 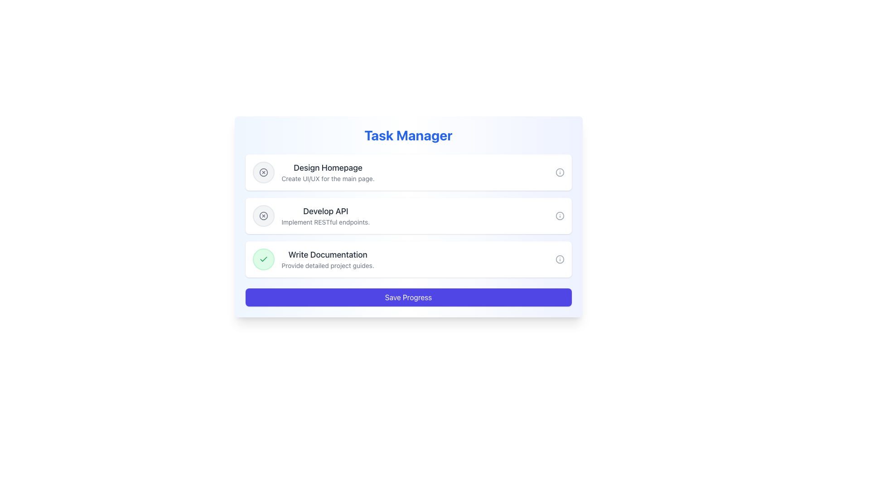 What do you see at coordinates (327, 259) in the screenshot?
I see `the text block that says 'Write Documentation' and 'Provide detailed project guides' which is located between the 'Develop API' task and the 'Save Progress' button in the task management interface` at bounding box center [327, 259].